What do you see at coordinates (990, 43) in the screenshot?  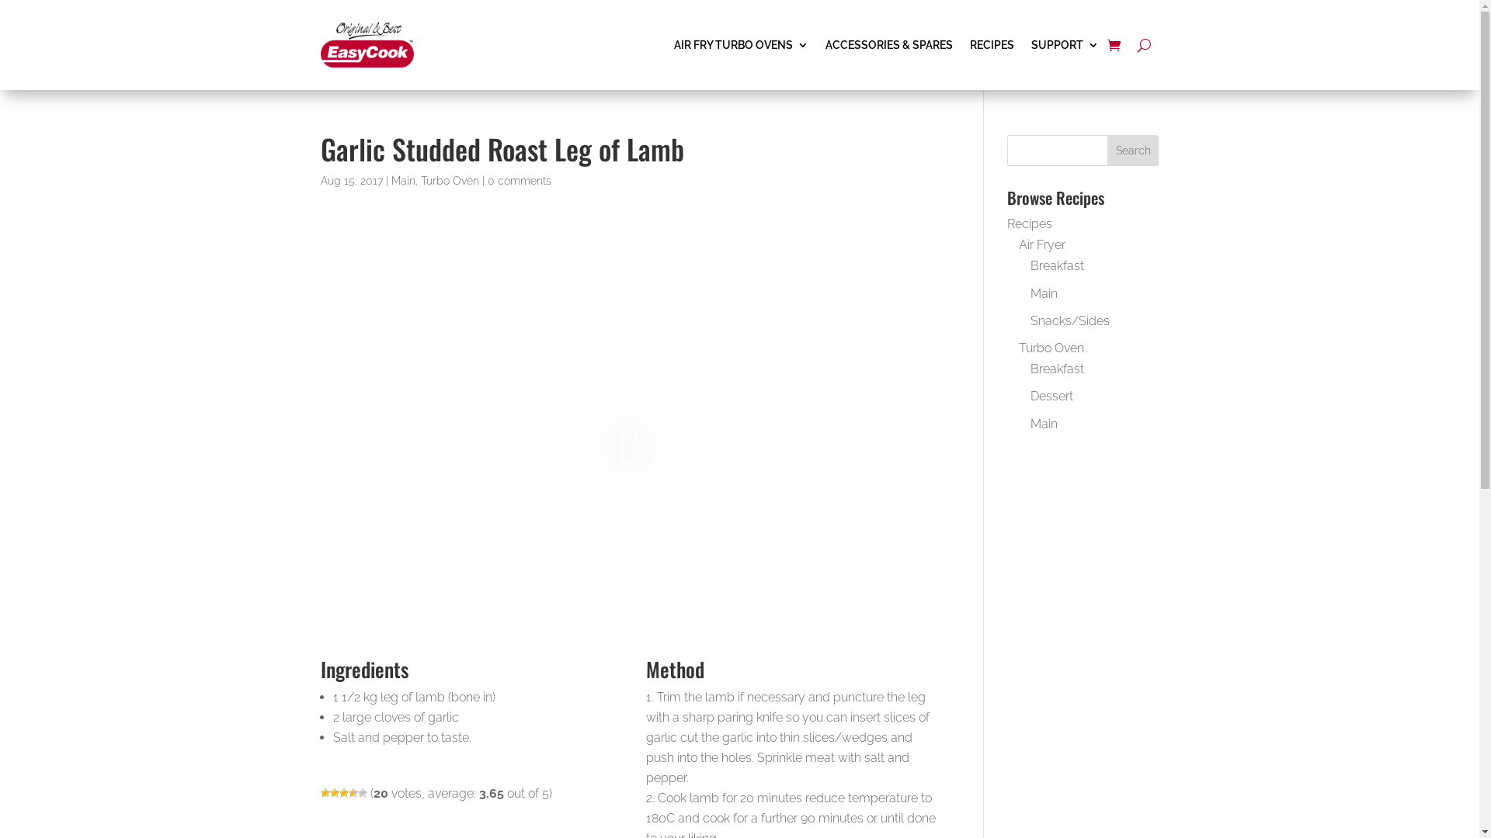 I see `'RECIPES'` at bounding box center [990, 43].